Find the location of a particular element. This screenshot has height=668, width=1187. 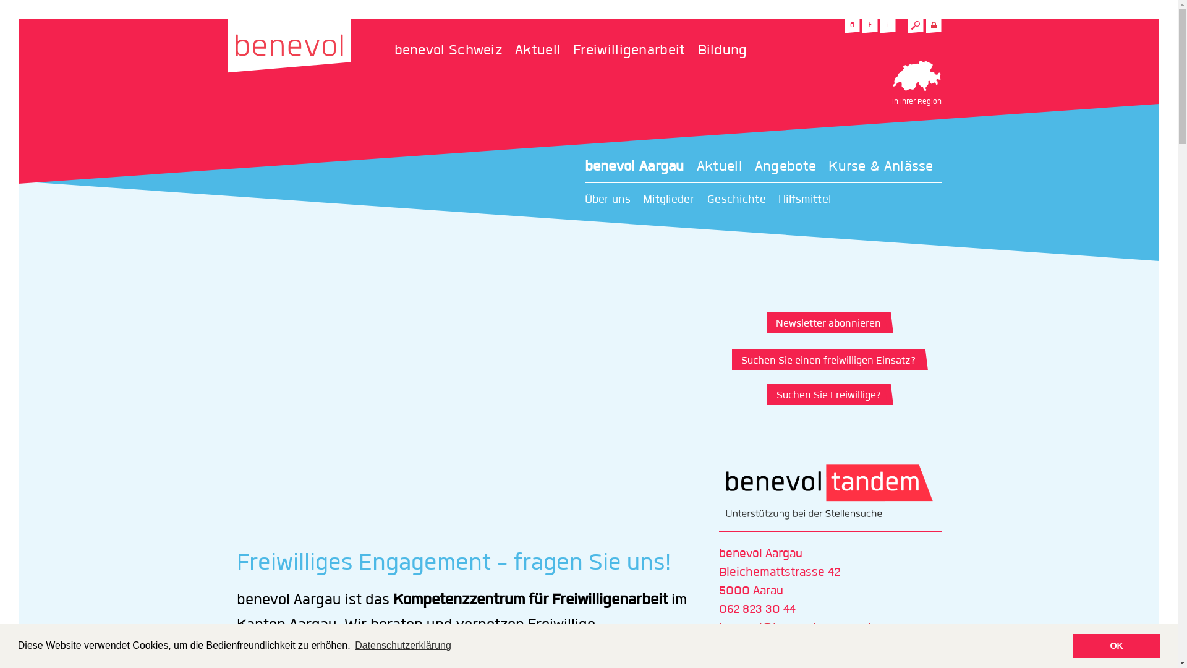

'Newsletter abonnieren' is located at coordinates (827, 322).